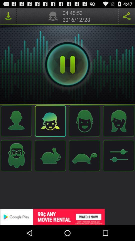  What do you see at coordinates (118, 155) in the screenshot?
I see `the left corner image which is beside of the turtle image` at bounding box center [118, 155].